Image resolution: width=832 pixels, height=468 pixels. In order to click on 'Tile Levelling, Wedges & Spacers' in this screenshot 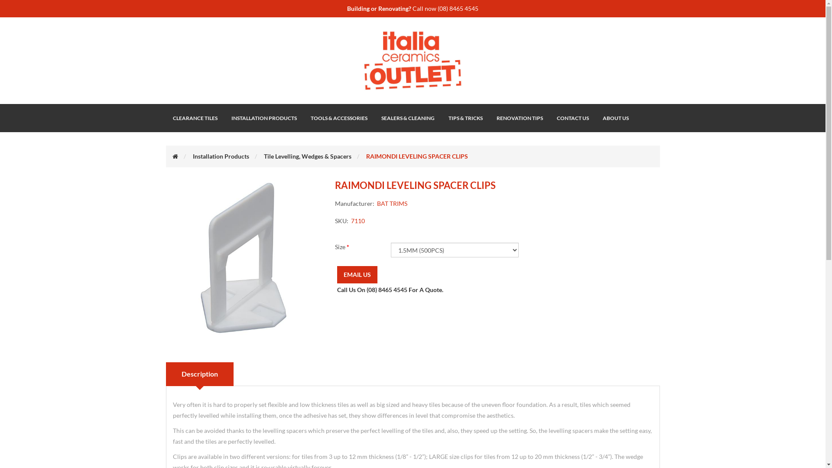, I will do `click(263, 156)`.